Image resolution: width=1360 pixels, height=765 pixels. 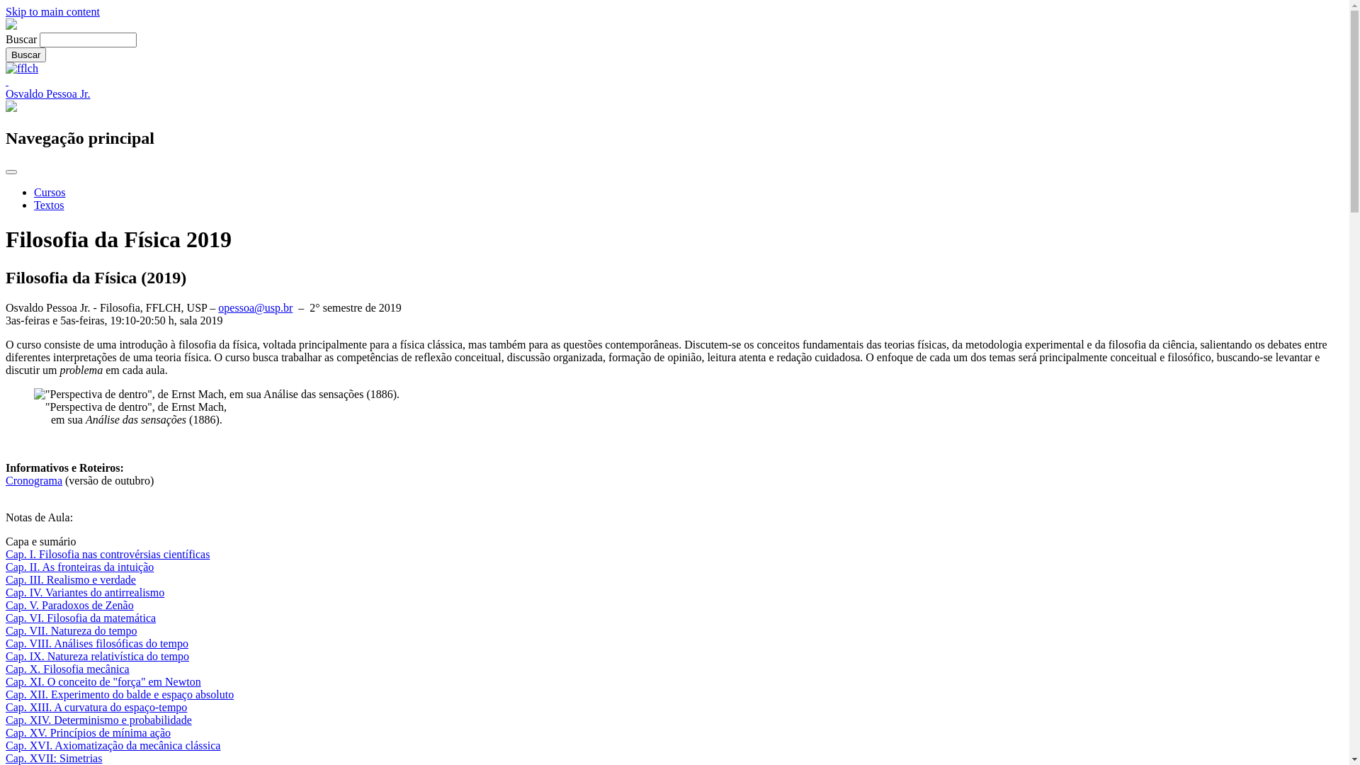 I want to click on 'Osvaldo Pessoa Jr.', so click(x=6, y=93).